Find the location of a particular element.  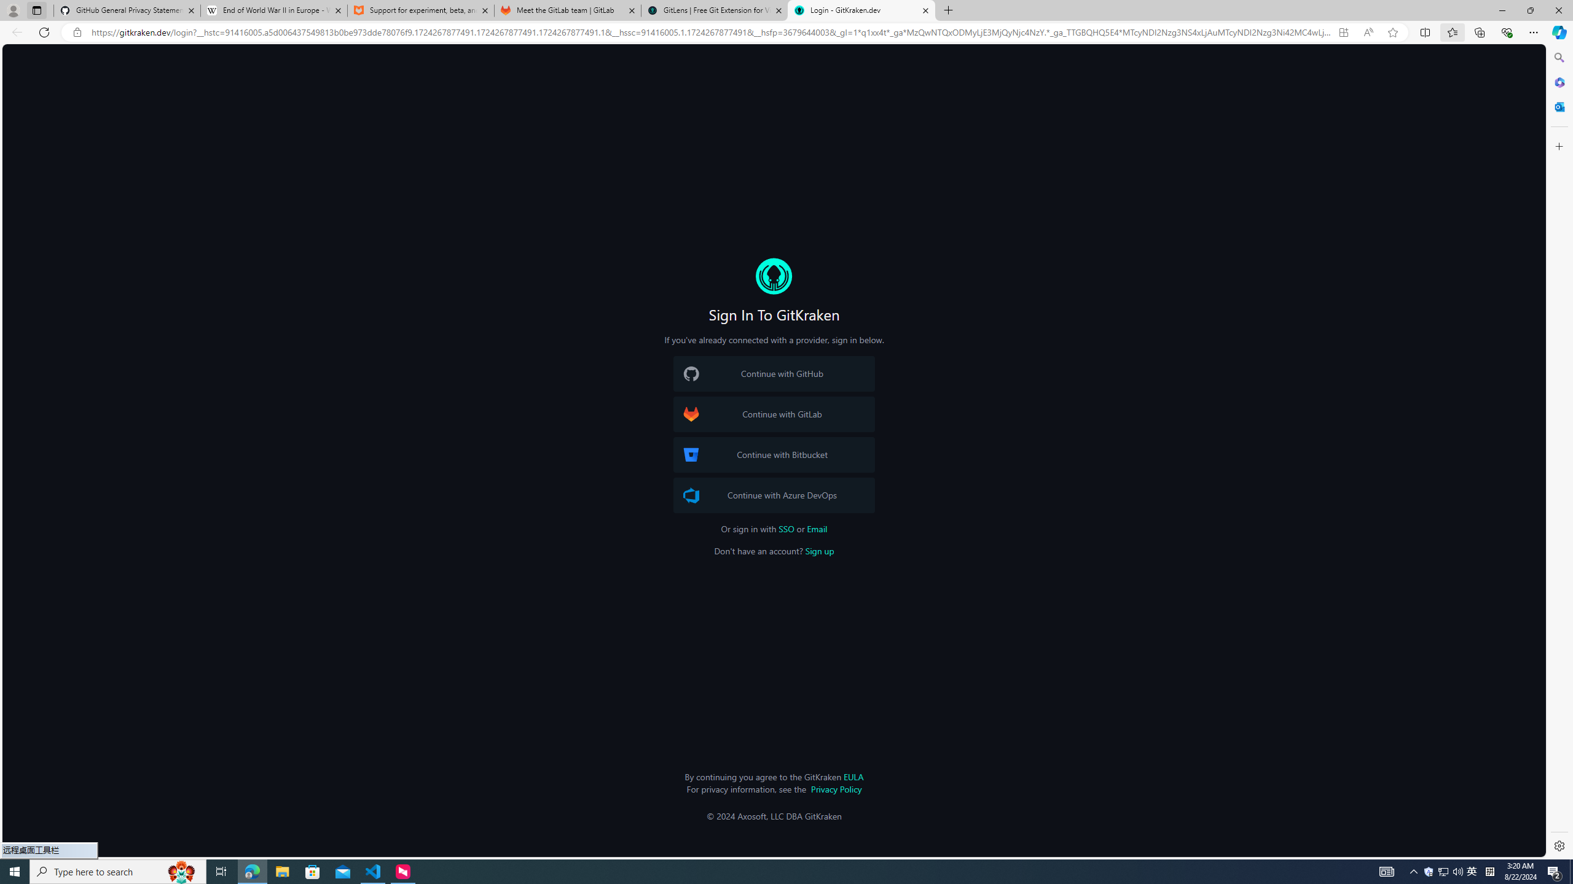

'Login - GitKraken.dev' is located at coordinates (861, 10).